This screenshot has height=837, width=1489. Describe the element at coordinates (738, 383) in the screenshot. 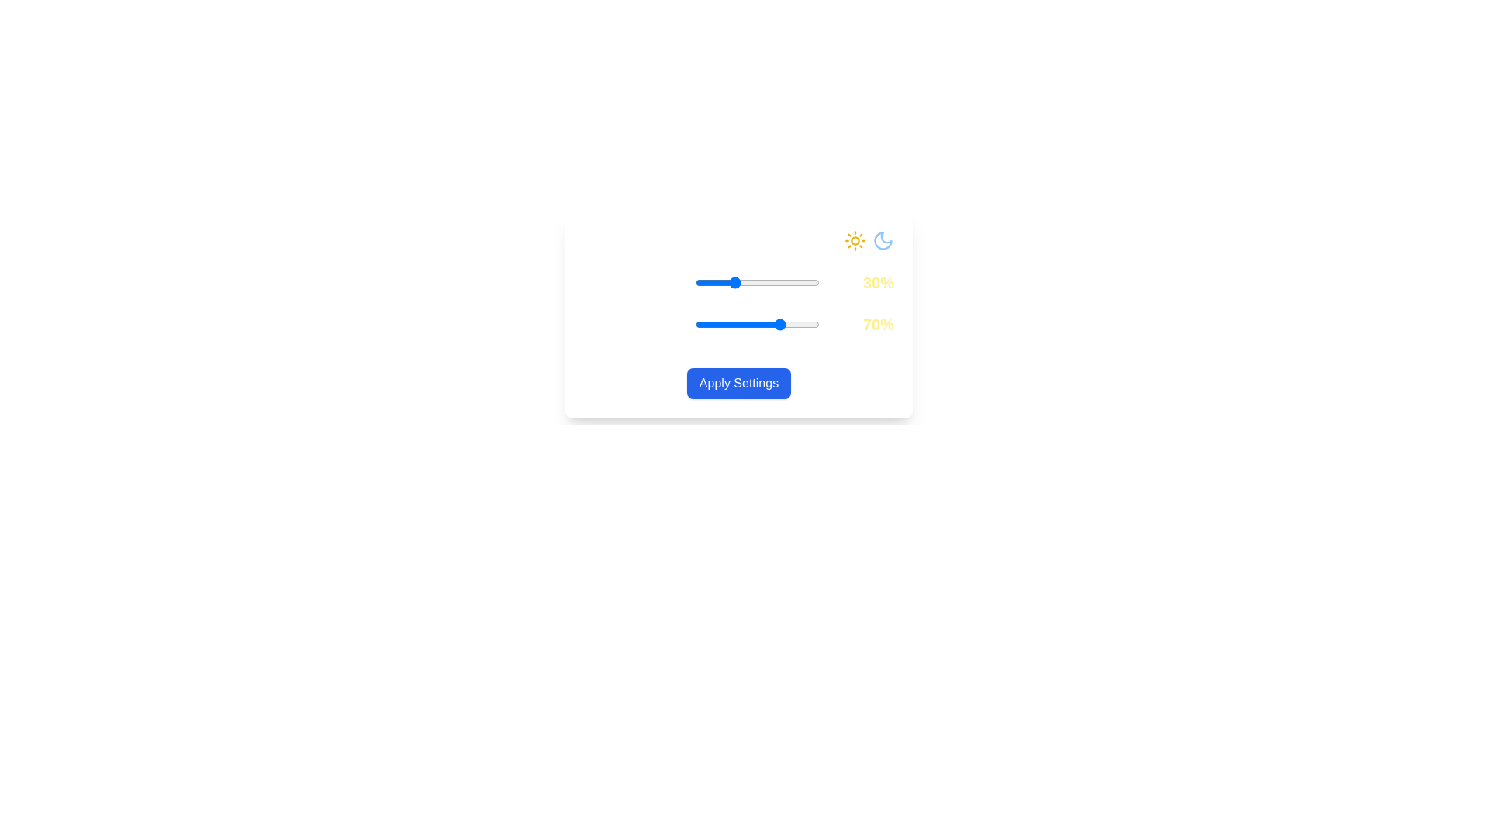

I see `the 'Apply Settings' button to apply the selected settings` at that location.